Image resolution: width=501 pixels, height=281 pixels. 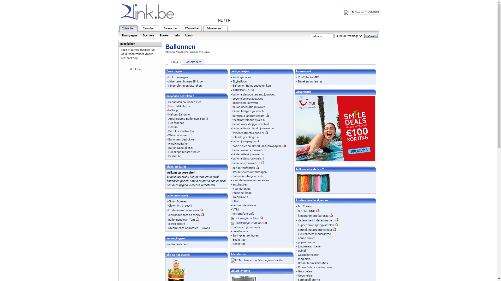 I want to click on 'popentheater', so click(x=307, y=242).